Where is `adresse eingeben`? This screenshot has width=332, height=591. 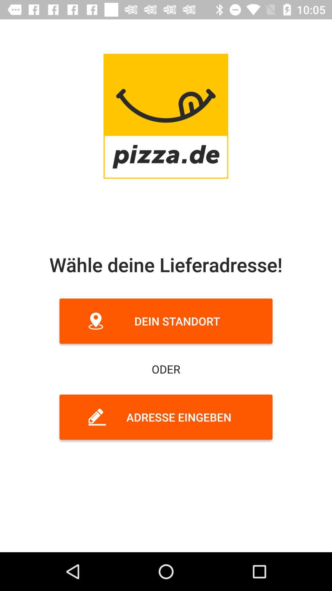
adresse eingeben is located at coordinates (166, 417).